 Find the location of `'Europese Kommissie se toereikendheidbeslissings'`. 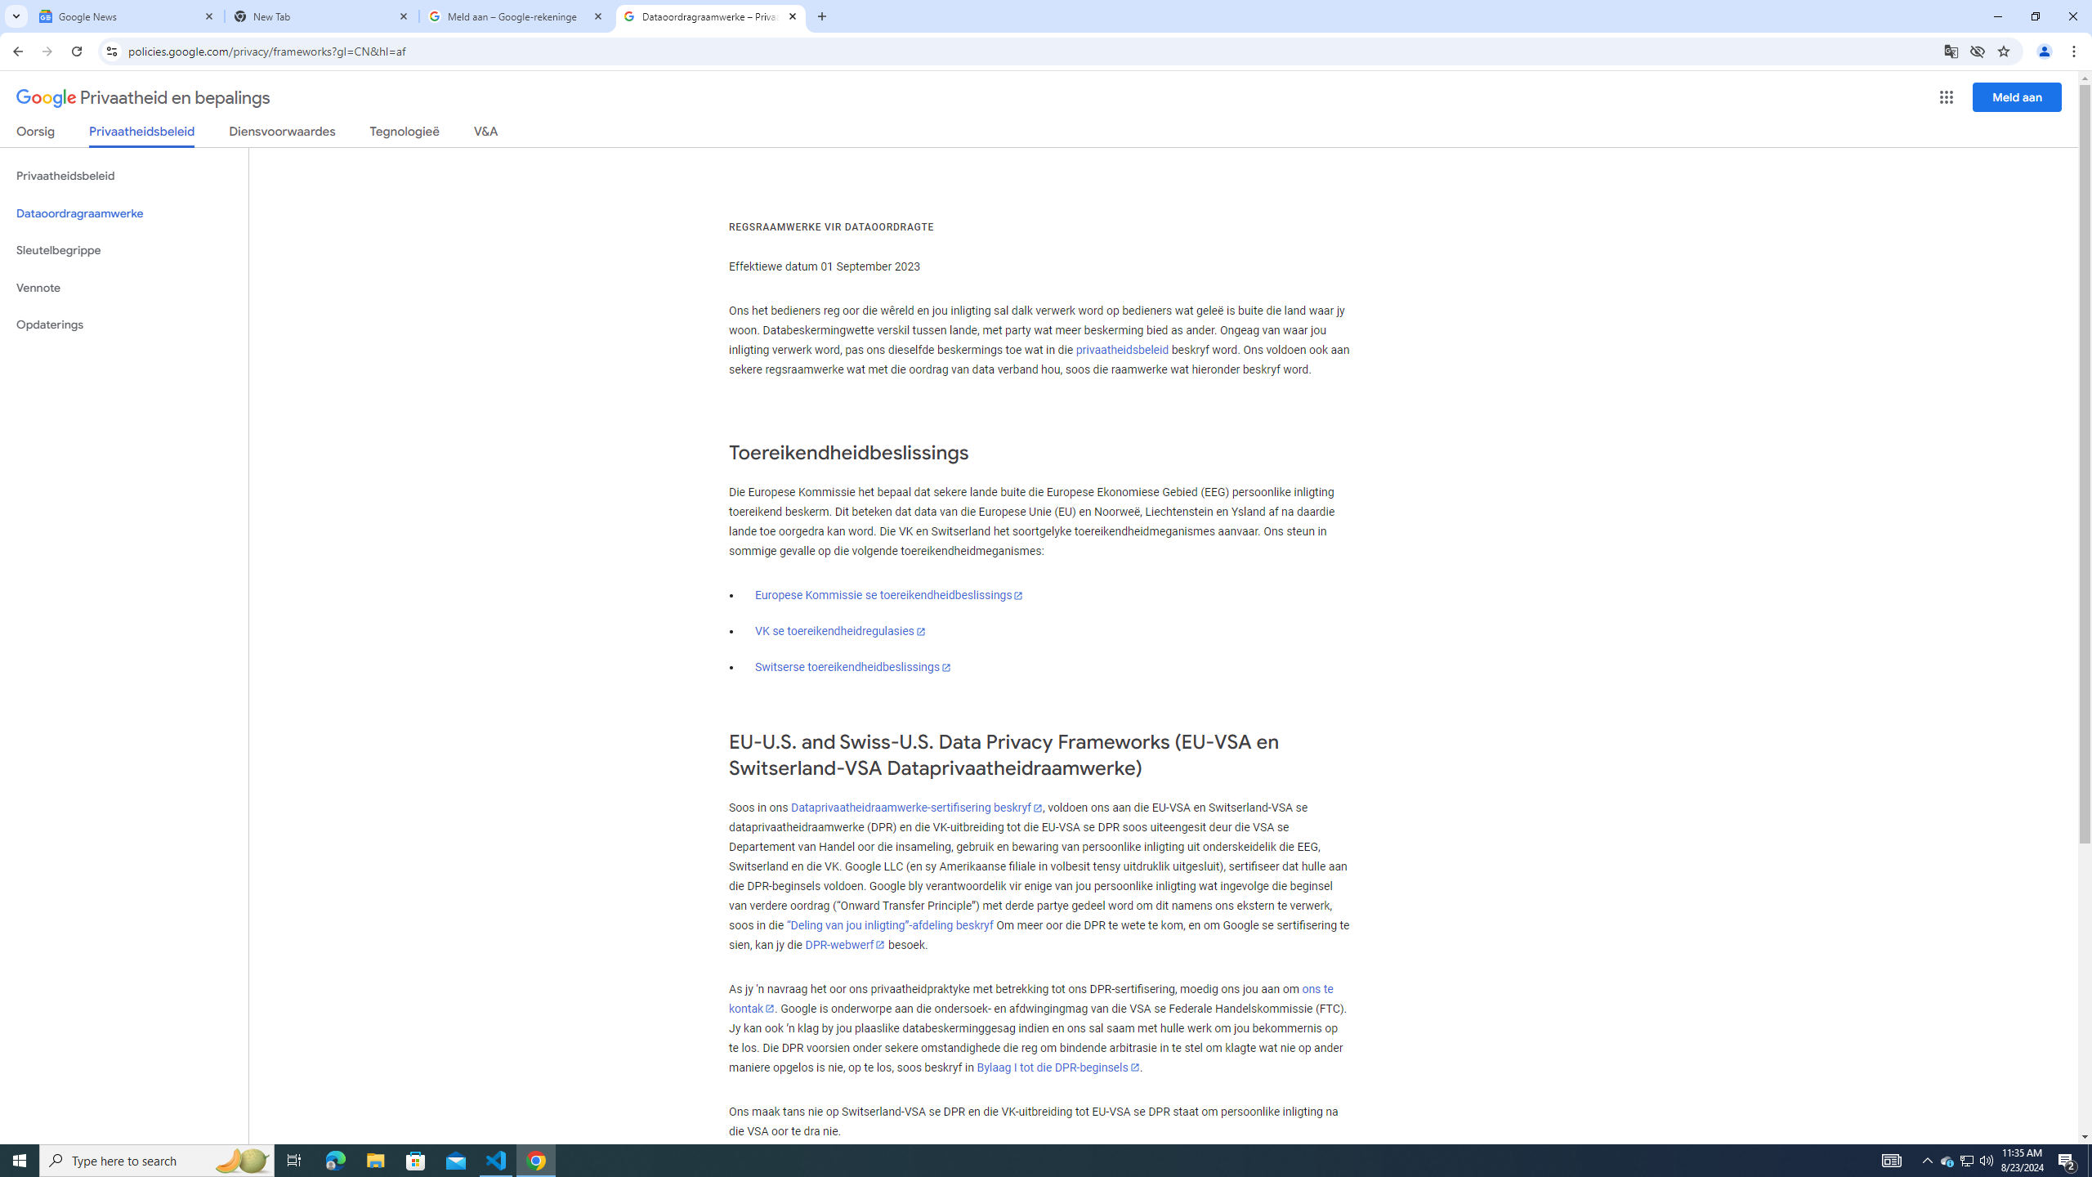

'Europese Kommissie se toereikendheidbeslissings' is located at coordinates (889, 594).